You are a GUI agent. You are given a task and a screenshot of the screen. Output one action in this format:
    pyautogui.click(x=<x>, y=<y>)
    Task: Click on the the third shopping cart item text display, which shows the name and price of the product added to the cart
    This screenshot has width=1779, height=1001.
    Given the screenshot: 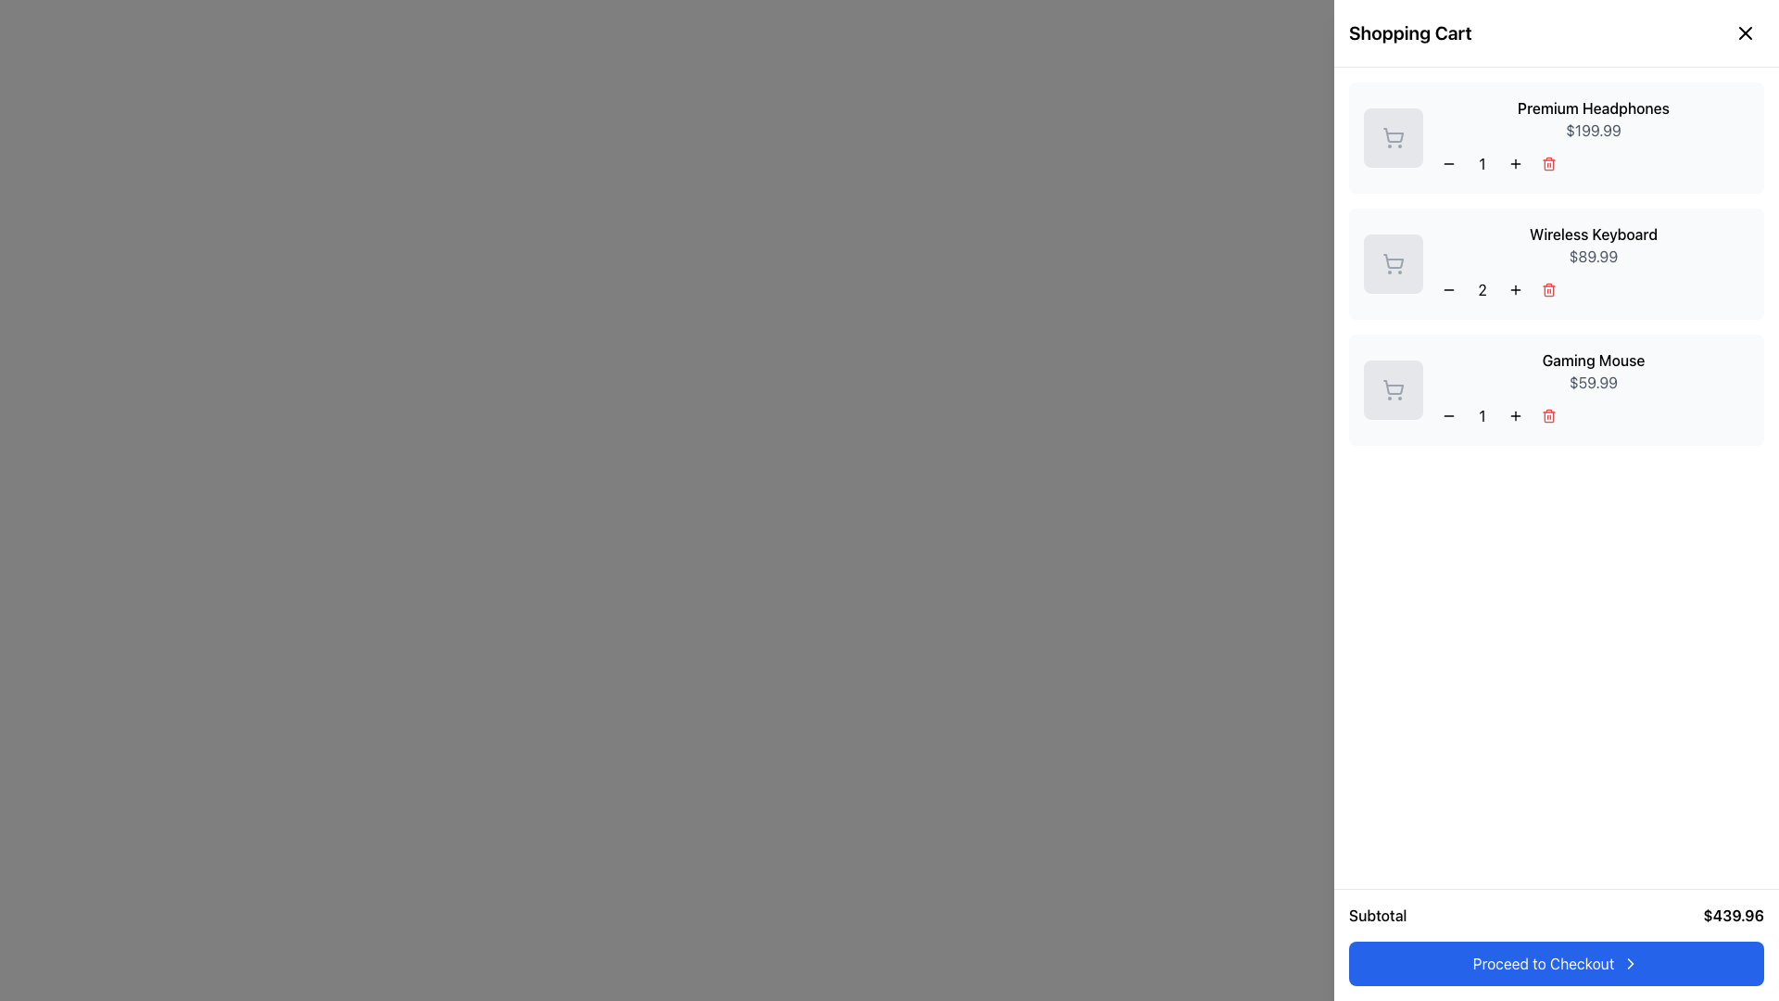 What is the action you would take?
    pyautogui.click(x=1592, y=388)
    